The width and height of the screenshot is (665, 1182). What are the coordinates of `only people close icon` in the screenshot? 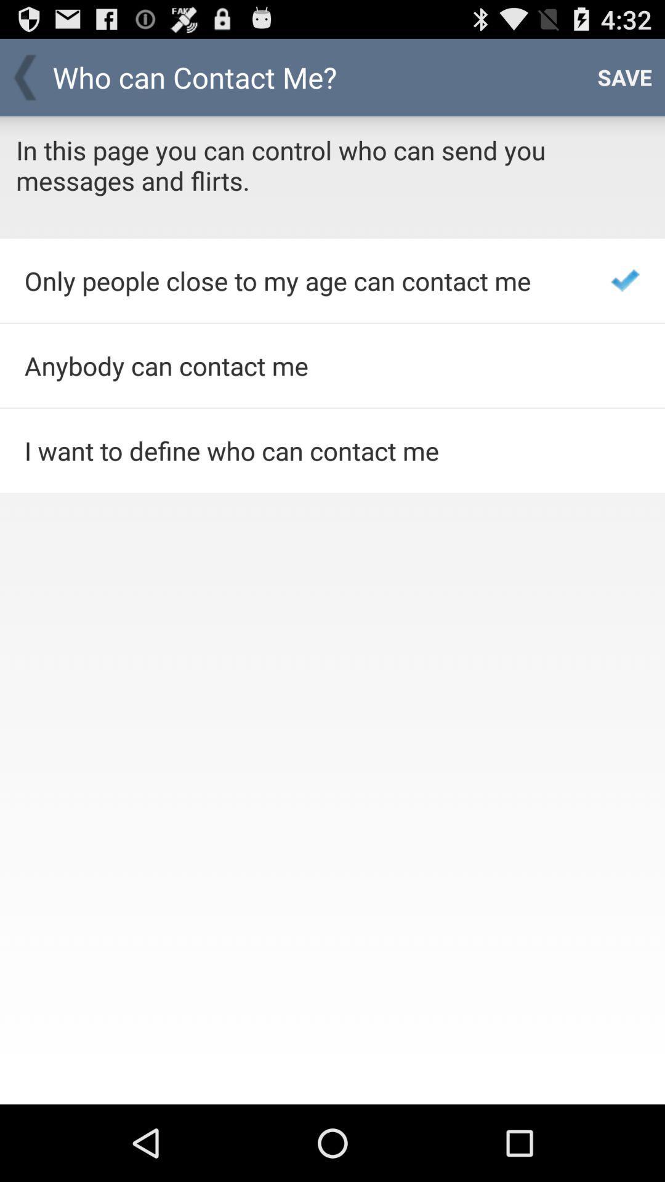 It's located at (301, 280).